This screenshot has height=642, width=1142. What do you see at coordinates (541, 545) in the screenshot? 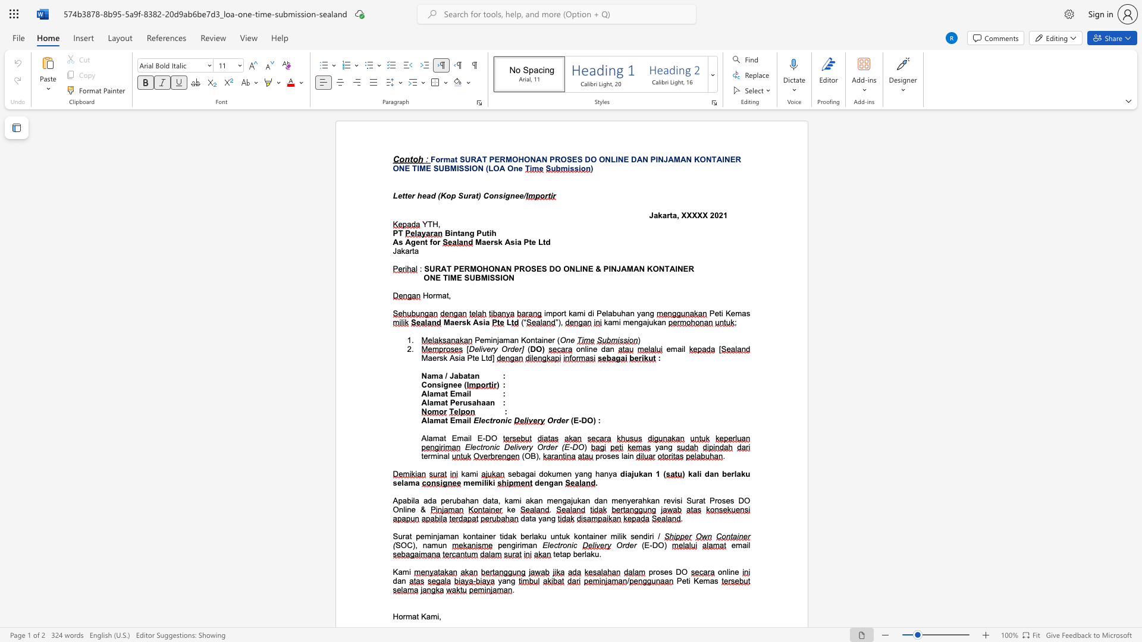
I see `the subset text "El" within the text "Electronic"` at bounding box center [541, 545].